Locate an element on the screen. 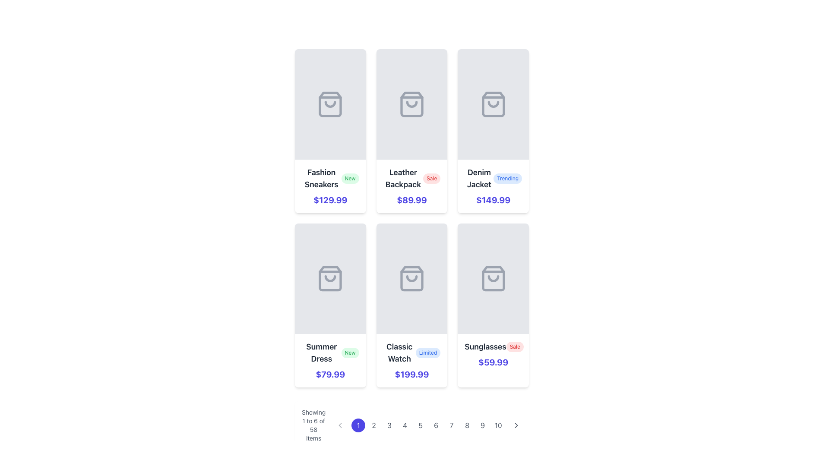  the text label with promotional badge located in the second card of the first row to trigger a tooltip or highlight is located at coordinates (411, 178).